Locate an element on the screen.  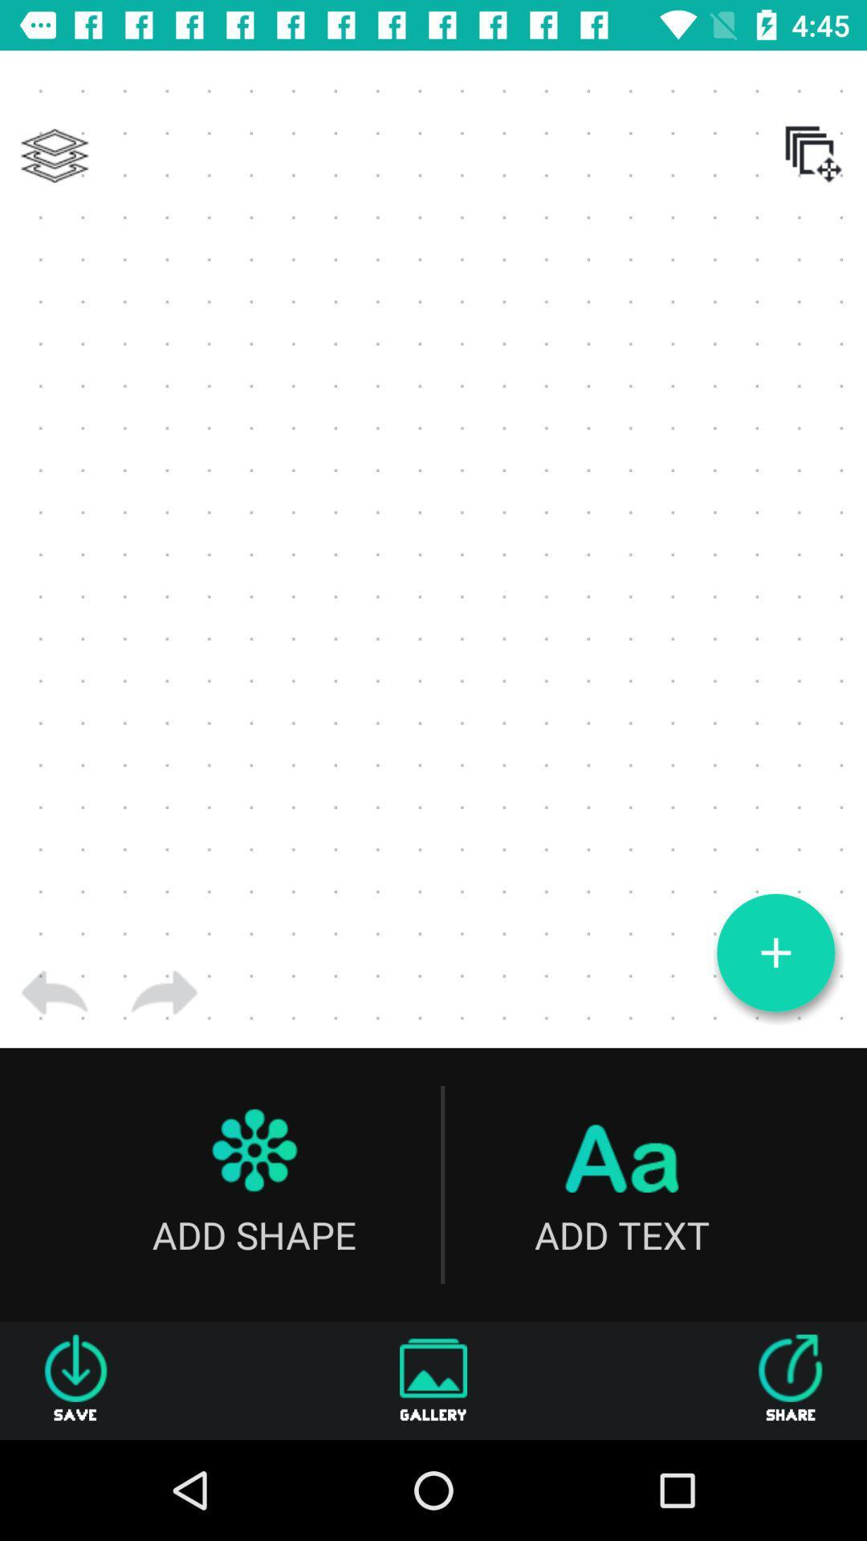
the add icon is located at coordinates (775, 953).